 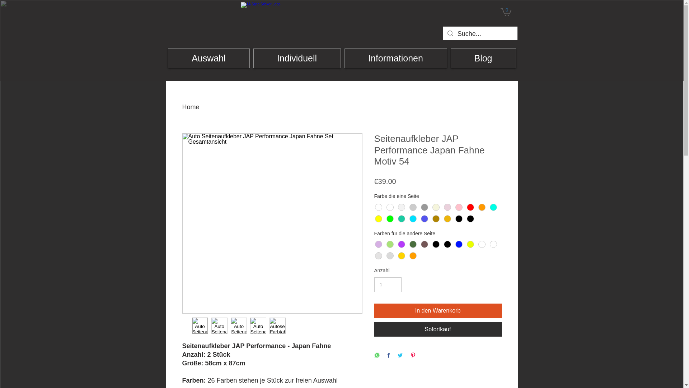 I want to click on 'Individuell', so click(x=253, y=58).